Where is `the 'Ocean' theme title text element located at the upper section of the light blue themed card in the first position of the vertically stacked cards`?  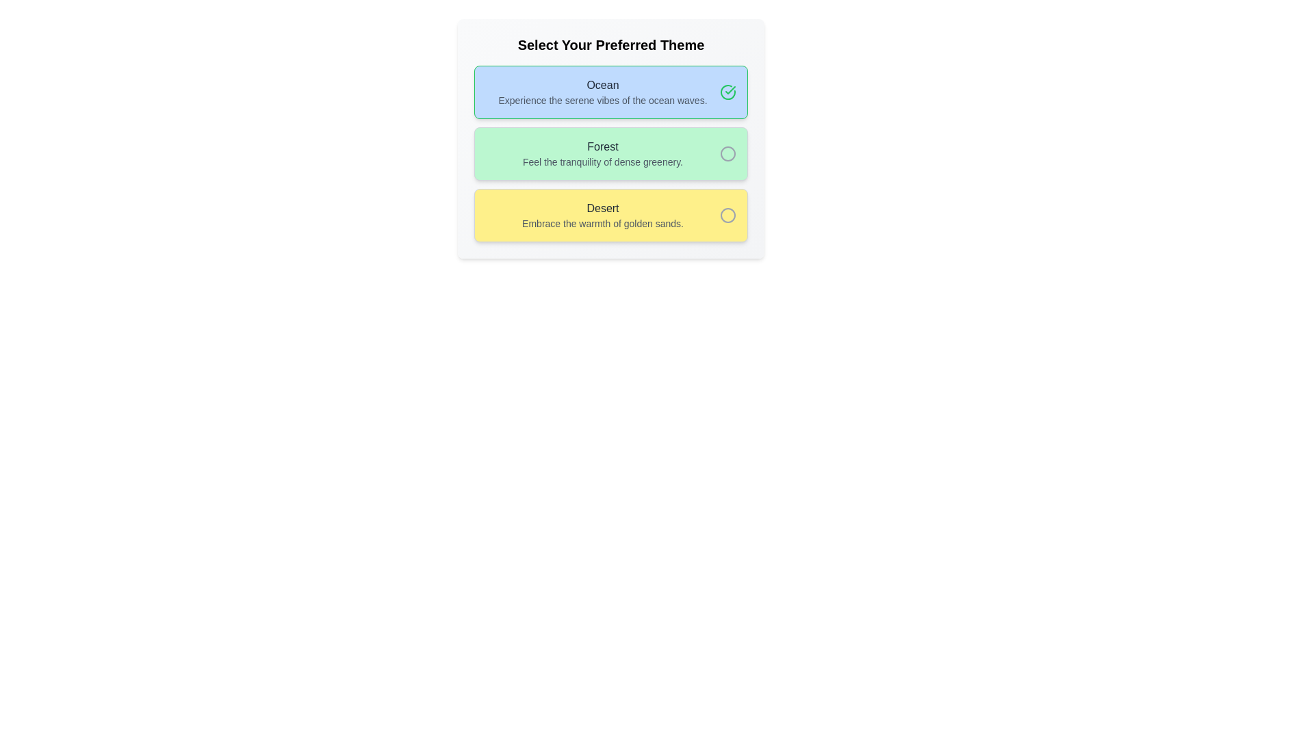 the 'Ocean' theme title text element located at the upper section of the light blue themed card in the first position of the vertically stacked cards is located at coordinates (602, 85).